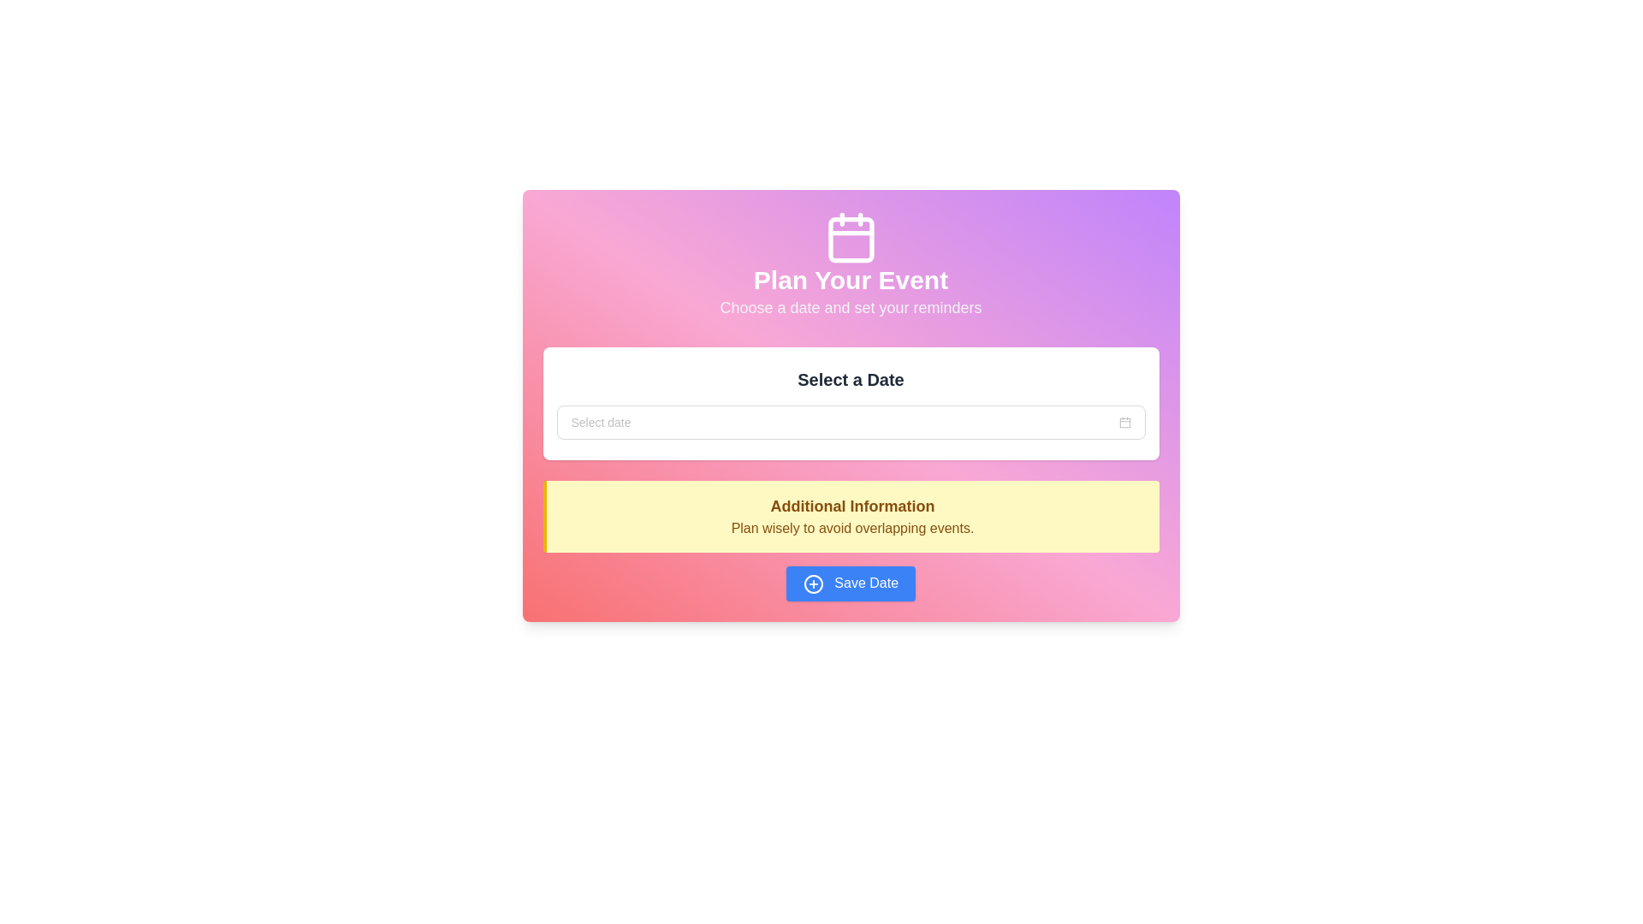 Image resolution: width=1643 pixels, height=924 pixels. What do you see at coordinates (851, 306) in the screenshot?
I see `the instructional Text label that provides guidance for selecting a date and setting reminders, located below the 'Plan Your Event' title` at bounding box center [851, 306].